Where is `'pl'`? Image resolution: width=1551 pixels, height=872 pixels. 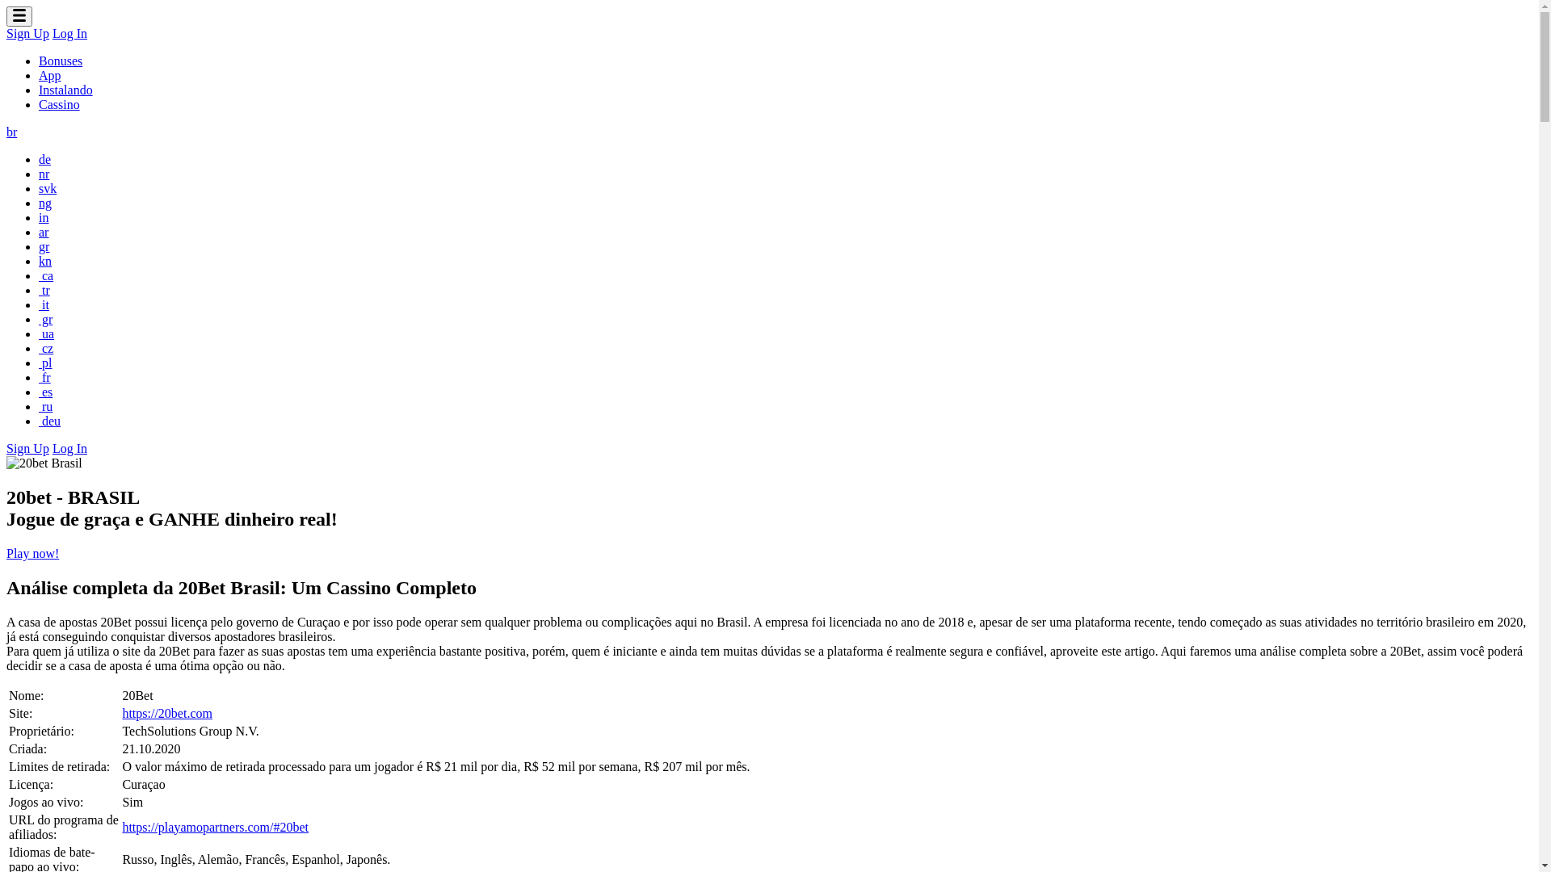 'pl' is located at coordinates (45, 362).